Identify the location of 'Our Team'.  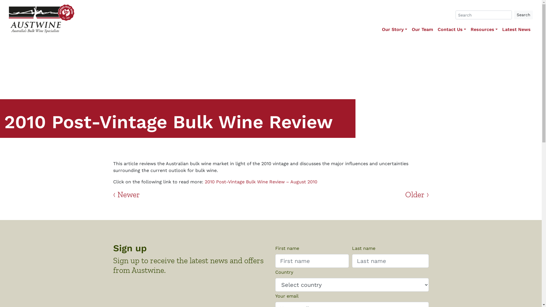
(422, 30).